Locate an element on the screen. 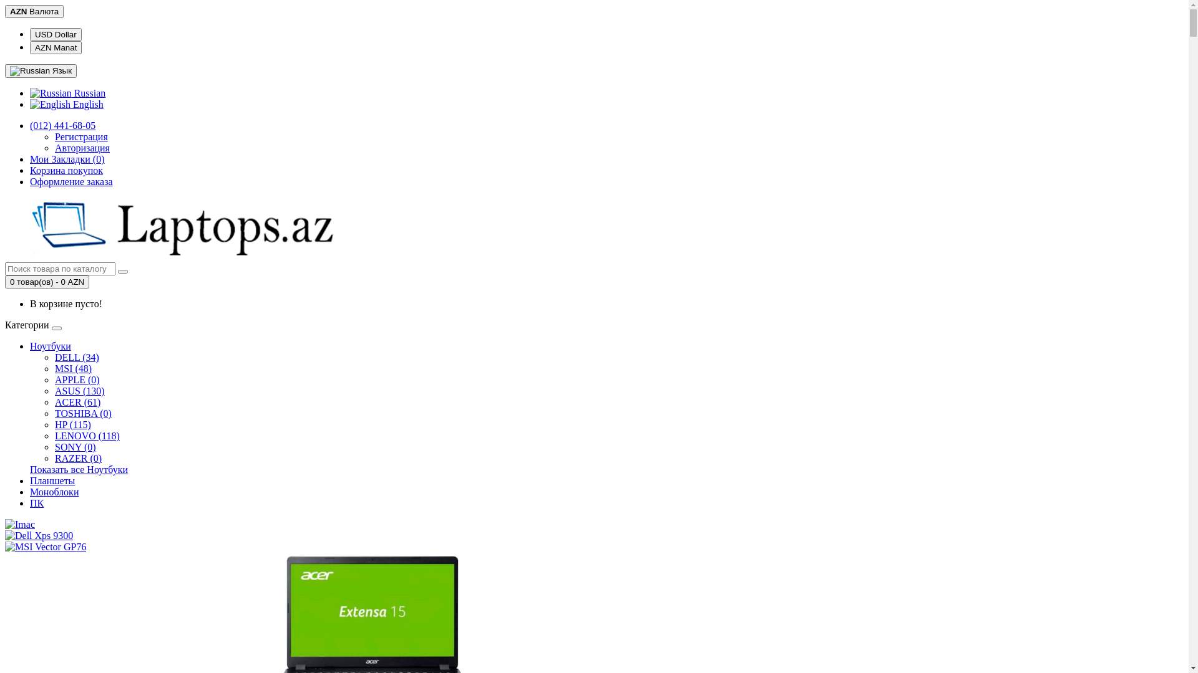  'Russian' is located at coordinates (30, 71).